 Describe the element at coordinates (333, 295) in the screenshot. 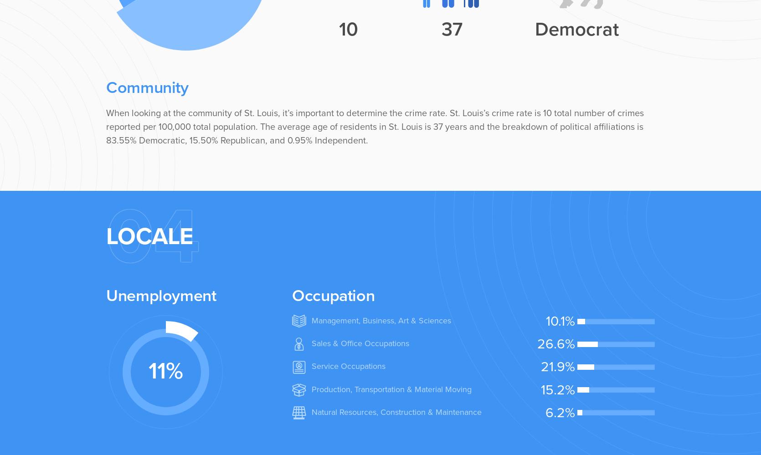

I see `'Occupation'` at that location.